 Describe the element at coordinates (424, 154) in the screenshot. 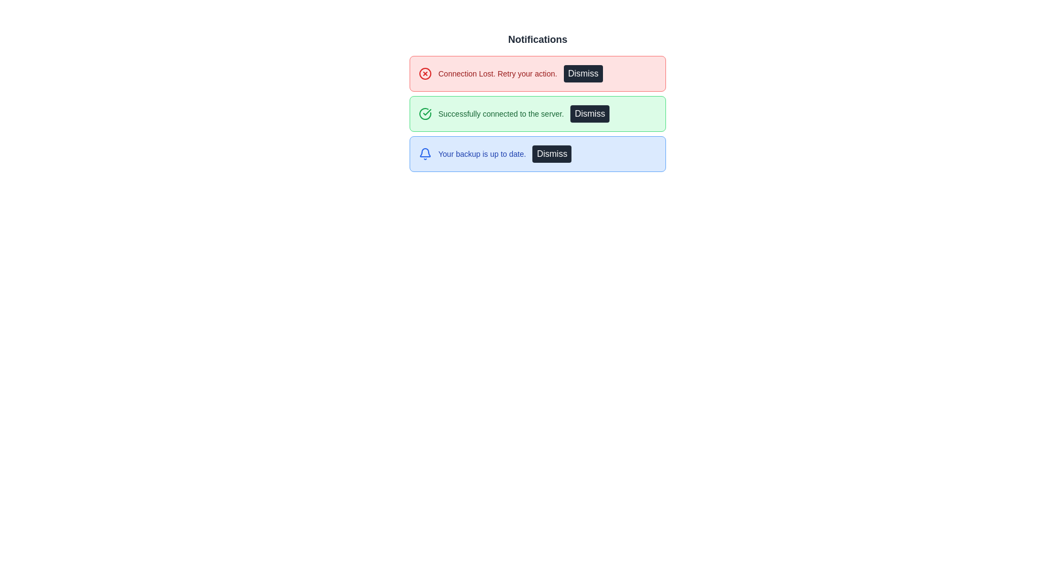

I see `the blue bell icon located at the leftmost part of the notification card stating 'Your backup is up to date.'` at that location.